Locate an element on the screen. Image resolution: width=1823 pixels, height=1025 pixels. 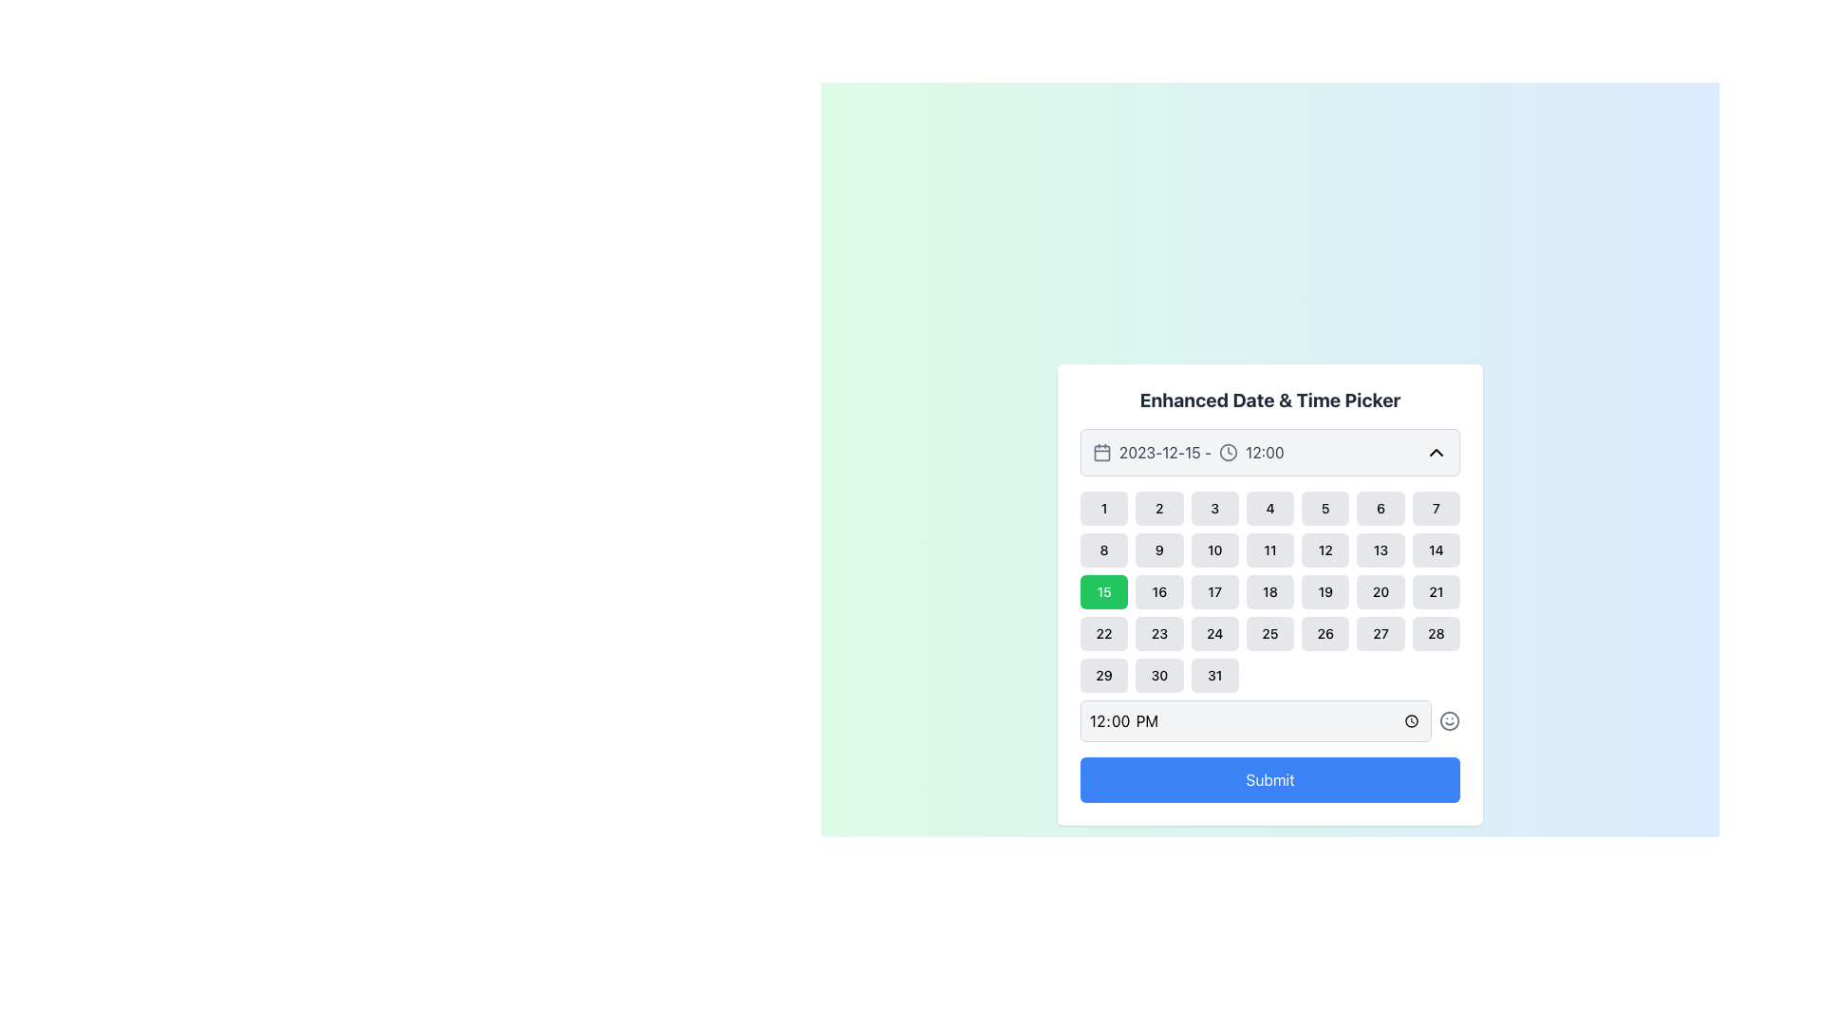
the button representing the 26th day in the calendar component of the date and time picker to trigger hover effects is located at coordinates (1325, 633).